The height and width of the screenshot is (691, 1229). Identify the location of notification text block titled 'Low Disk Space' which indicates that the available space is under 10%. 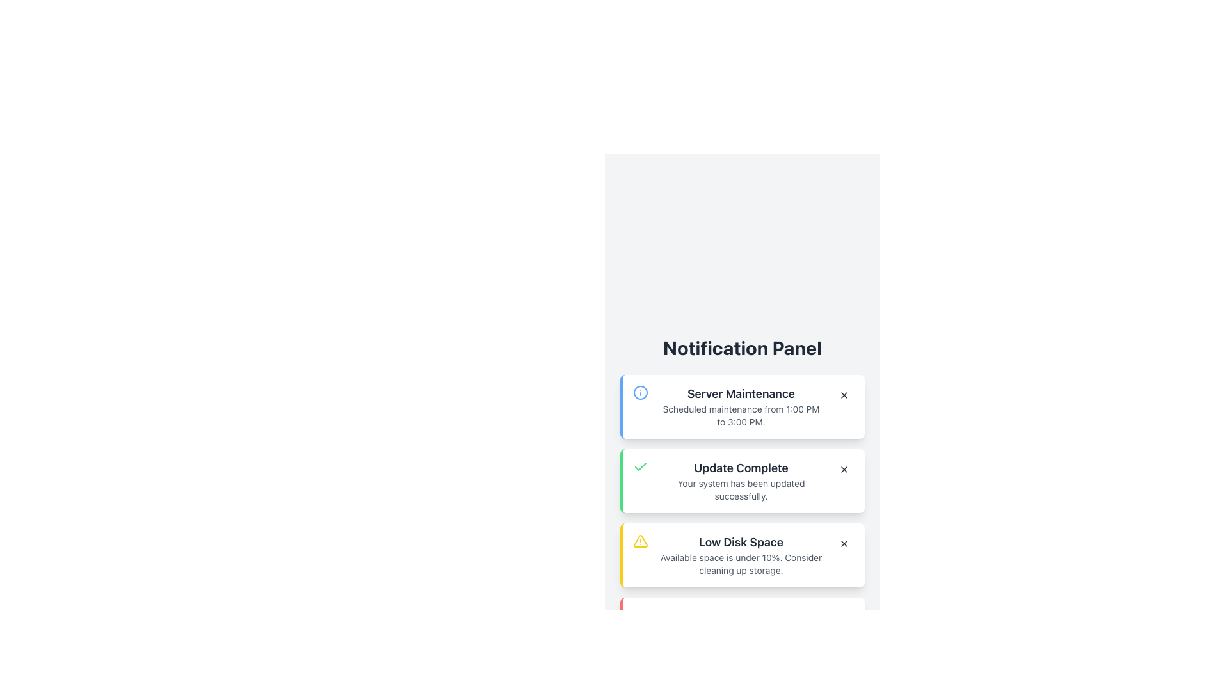
(741, 554).